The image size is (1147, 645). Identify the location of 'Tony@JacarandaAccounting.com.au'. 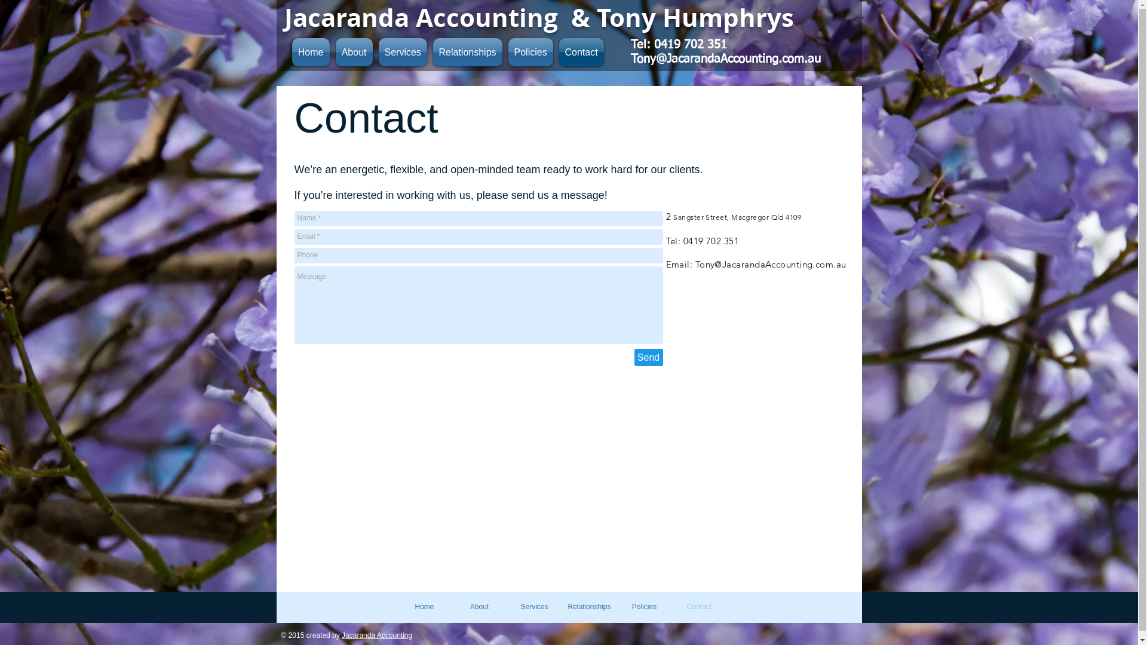
(725, 59).